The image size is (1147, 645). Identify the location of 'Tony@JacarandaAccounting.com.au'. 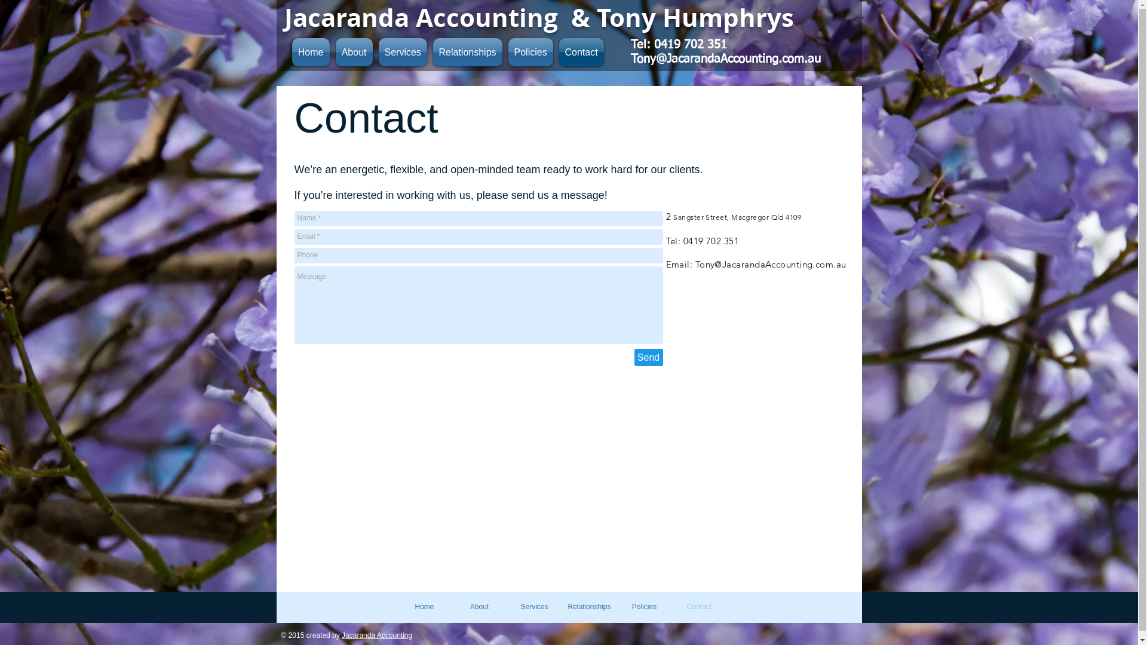
(725, 59).